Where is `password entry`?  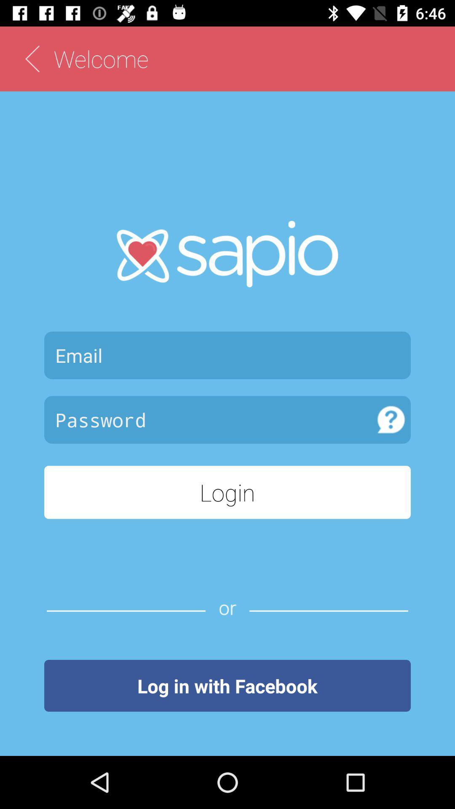 password entry is located at coordinates (208, 420).